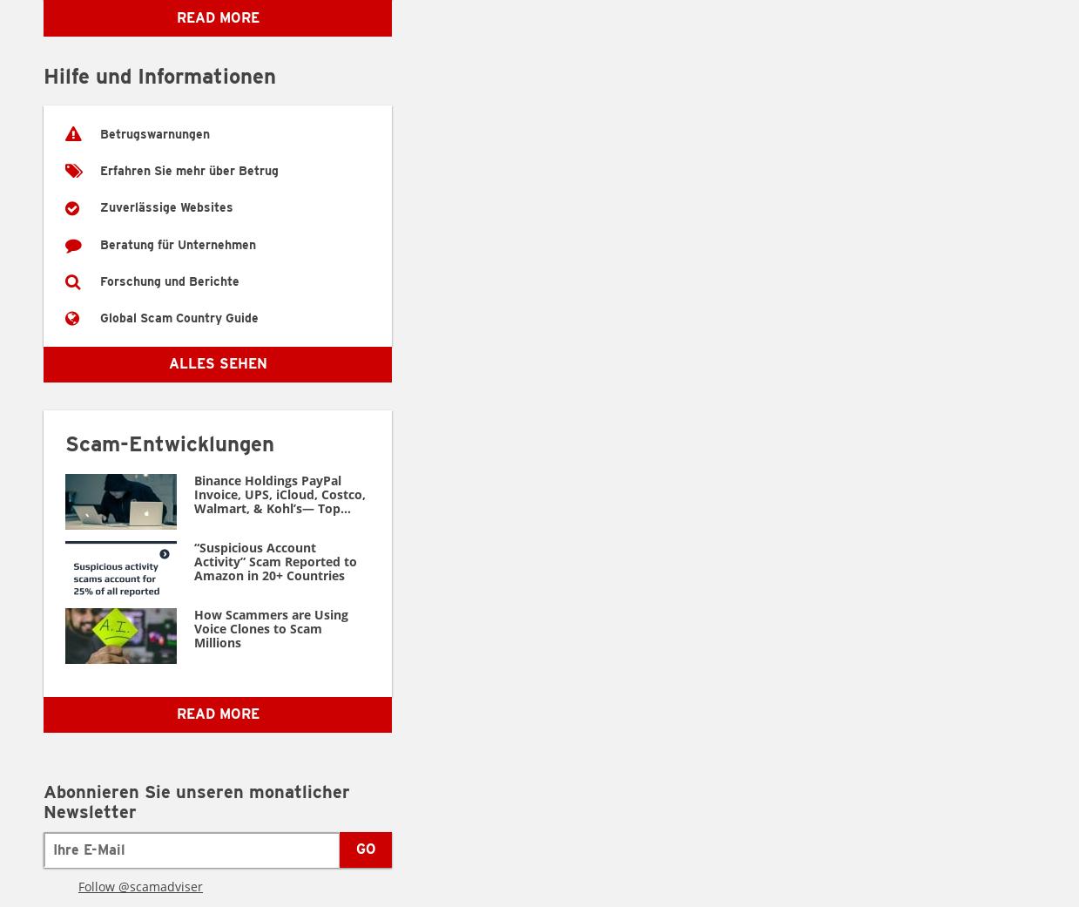  I want to click on 'Forschung und Berichte', so click(169, 280).